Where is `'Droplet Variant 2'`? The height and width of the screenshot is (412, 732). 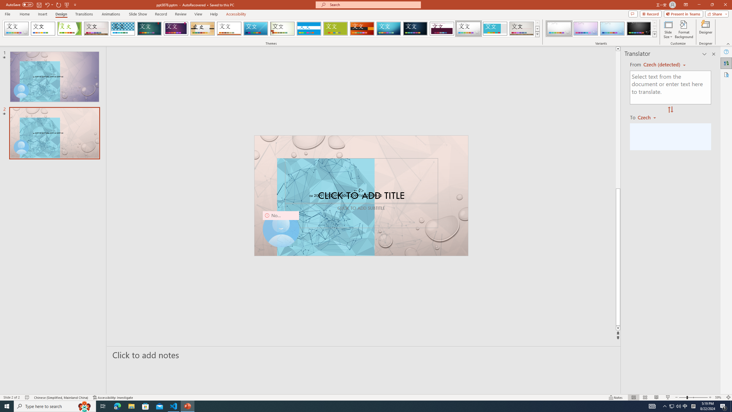
'Droplet Variant 2' is located at coordinates (585, 28).